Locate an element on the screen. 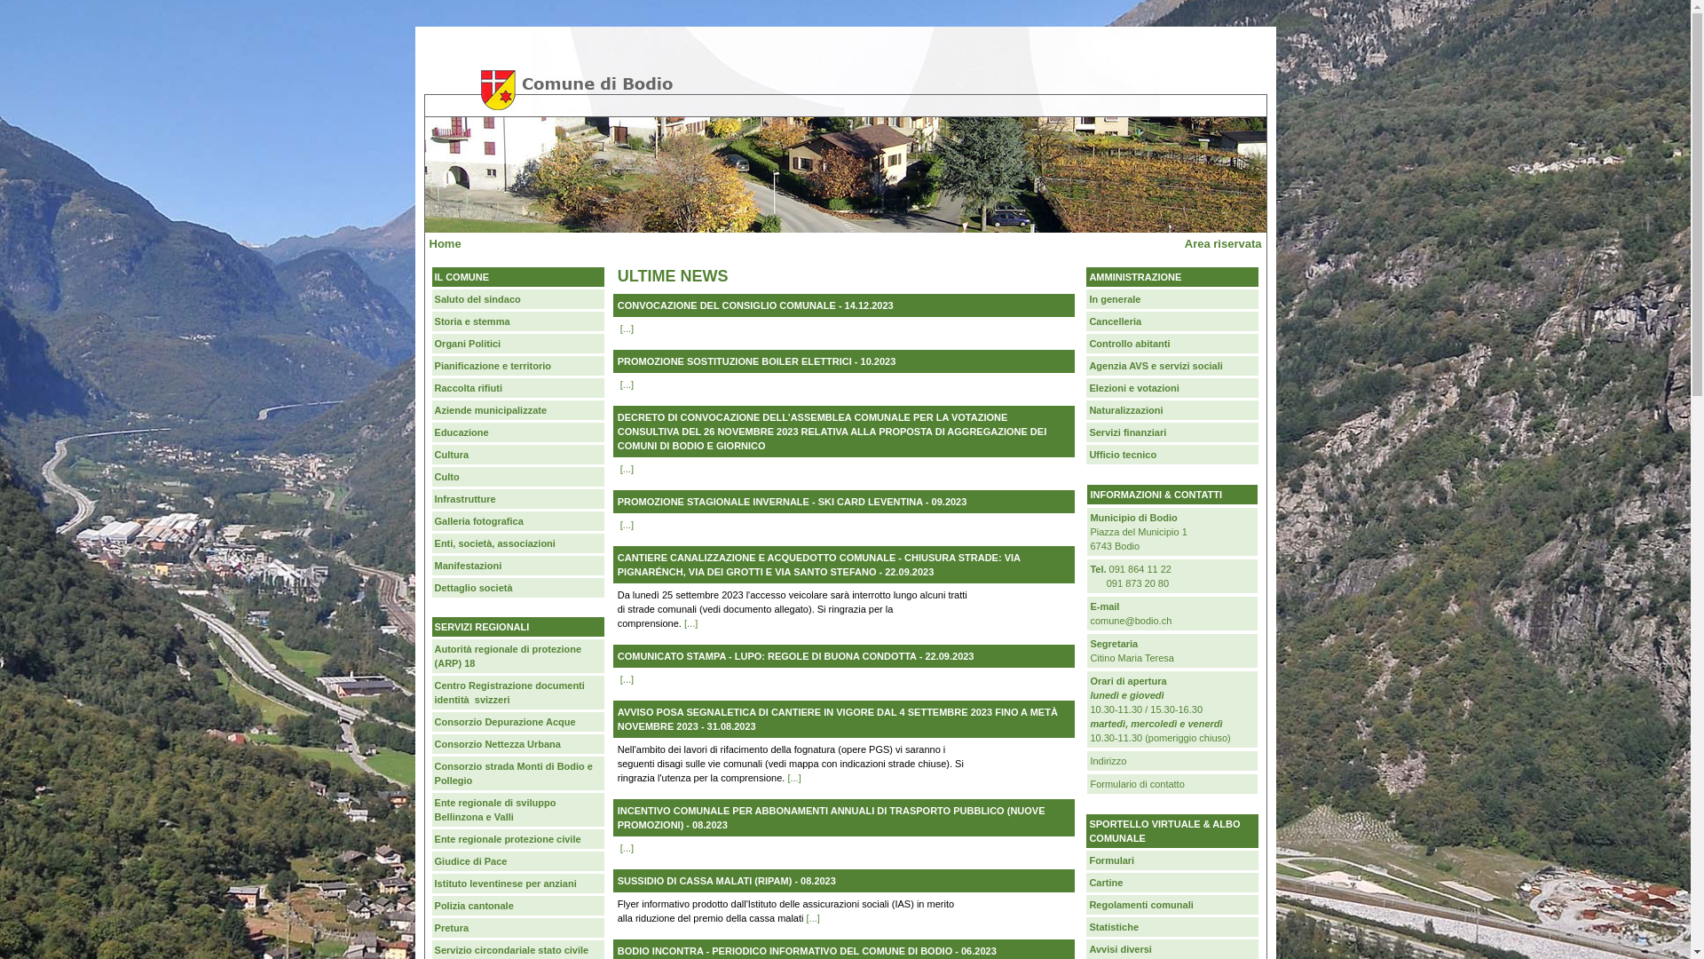 This screenshot has width=1704, height=959. 'Istituto leventinese per anziani' is located at coordinates (517, 884).